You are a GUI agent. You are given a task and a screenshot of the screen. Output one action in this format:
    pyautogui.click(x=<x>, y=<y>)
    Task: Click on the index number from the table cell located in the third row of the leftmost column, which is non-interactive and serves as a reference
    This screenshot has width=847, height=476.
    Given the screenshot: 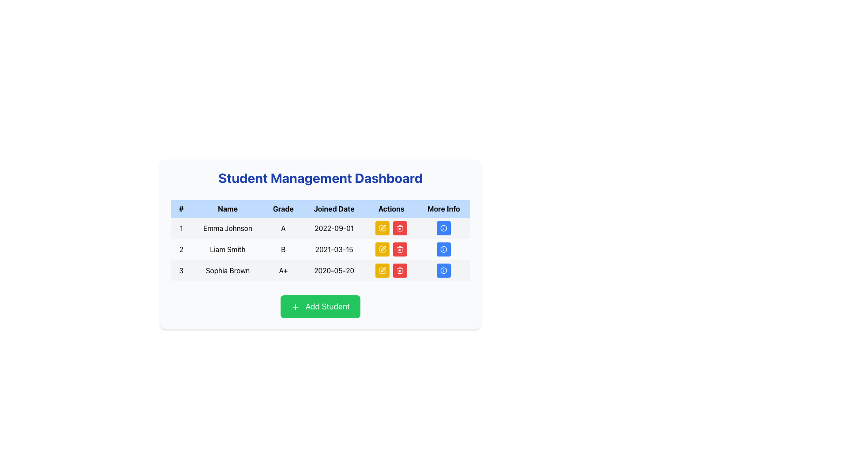 What is the action you would take?
    pyautogui.click(x=181, y=270)
    